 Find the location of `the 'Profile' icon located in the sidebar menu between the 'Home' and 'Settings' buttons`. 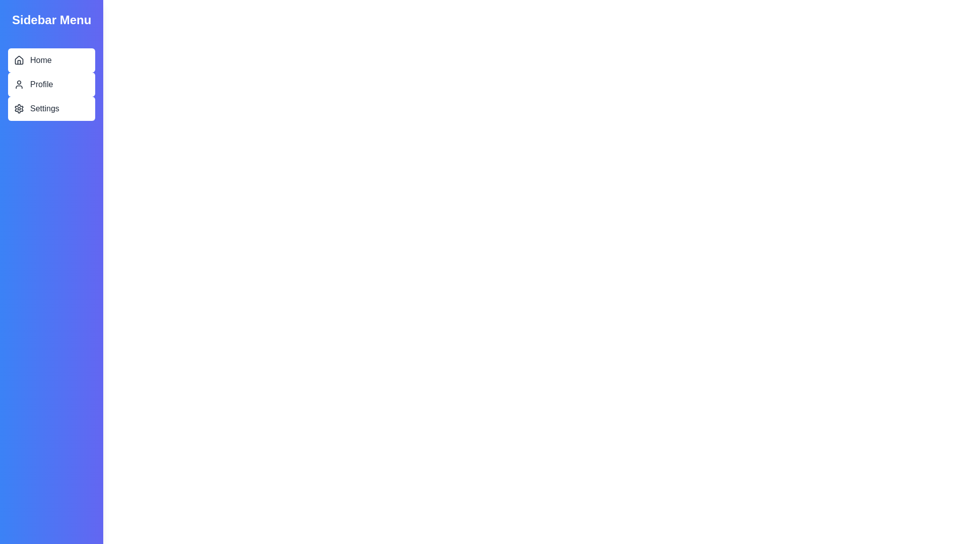

the 'Profile' icon located in the sidebar menu between the 'Home' and 'Settings' buttons is located at coordinates (19, 84).